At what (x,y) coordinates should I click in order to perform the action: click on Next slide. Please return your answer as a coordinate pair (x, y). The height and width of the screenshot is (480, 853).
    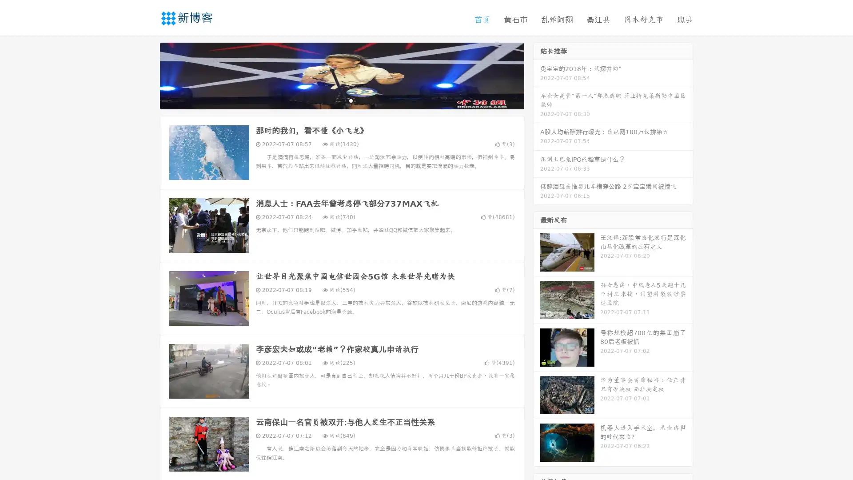
    Looking at the image, I should click on (537, 75).